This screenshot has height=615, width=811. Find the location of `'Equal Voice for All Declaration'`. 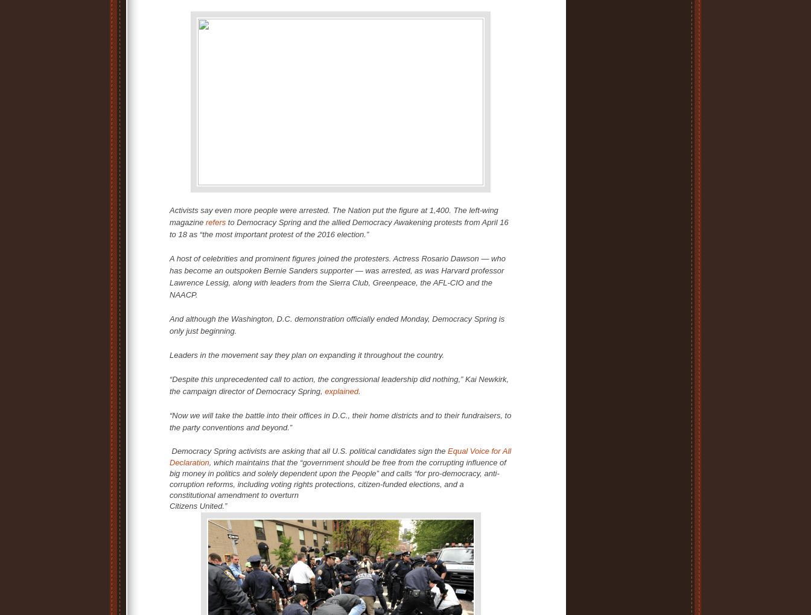

'Equal Voice for All Declaration' is located at coordinates (340, 456).